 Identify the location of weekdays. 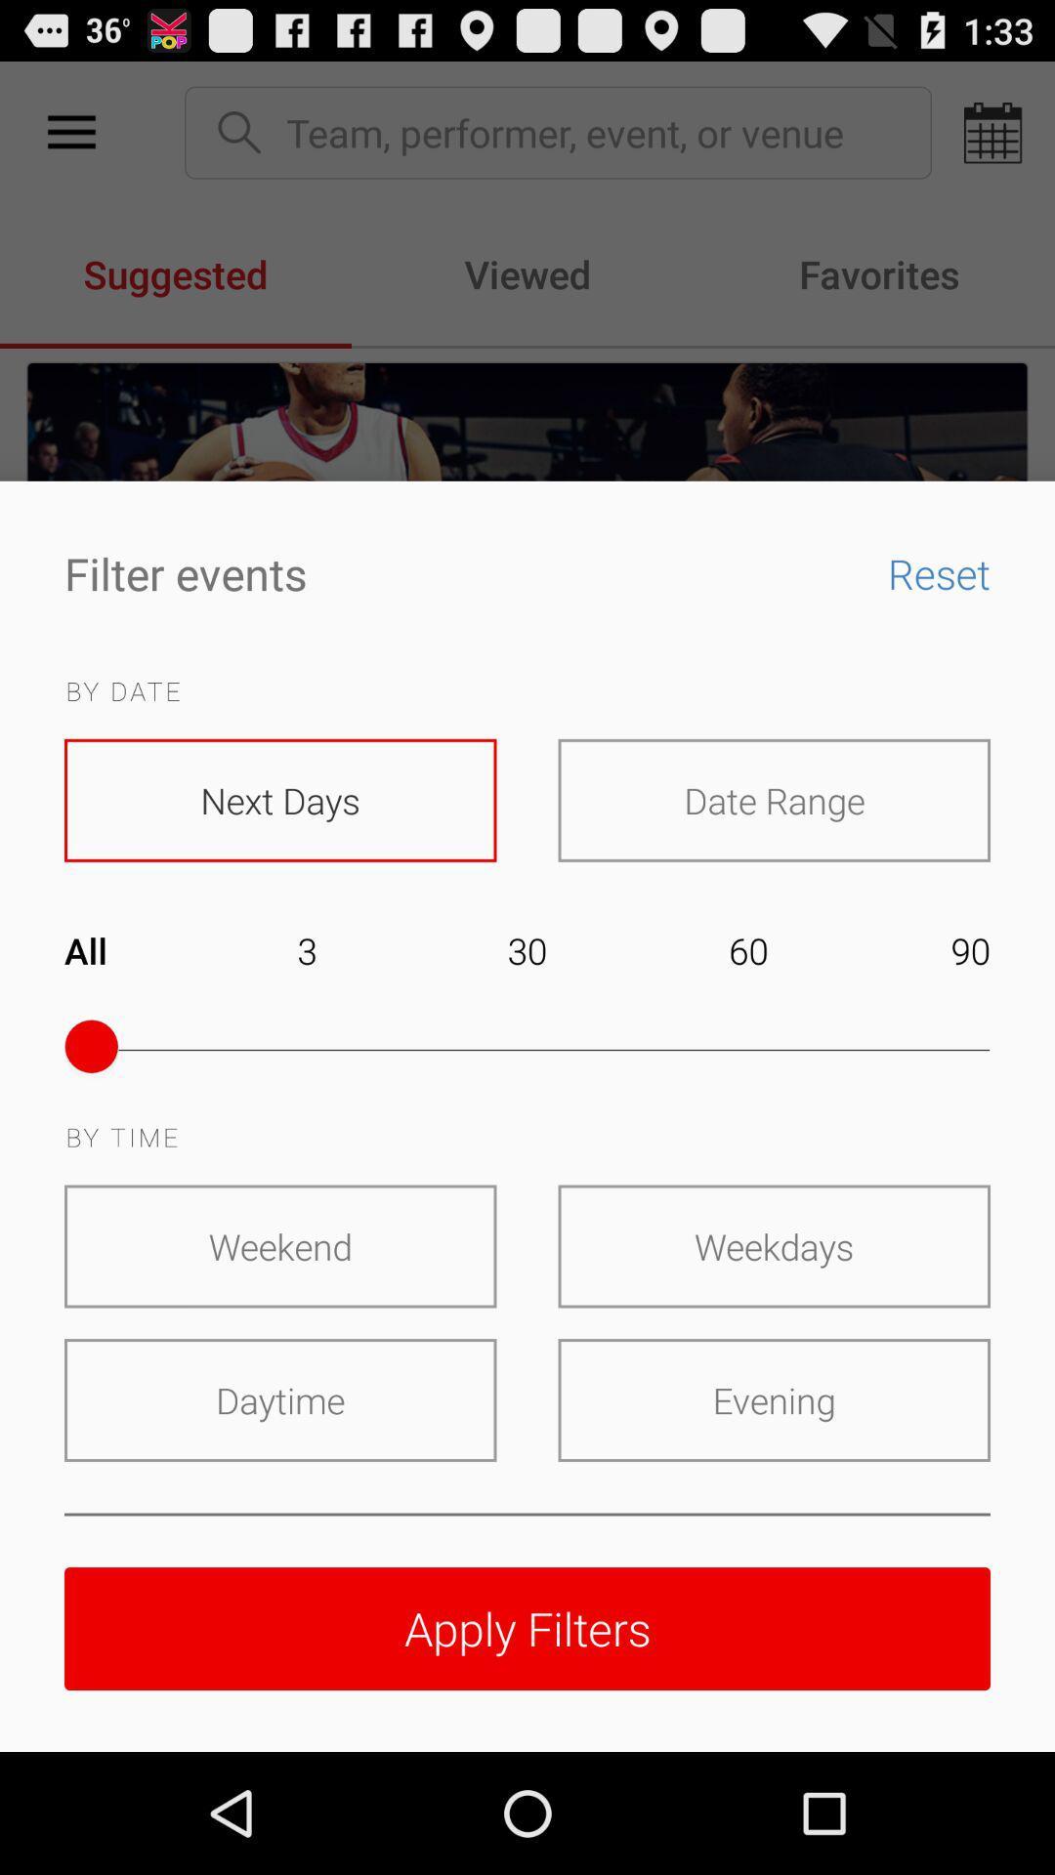
(773, 1245).